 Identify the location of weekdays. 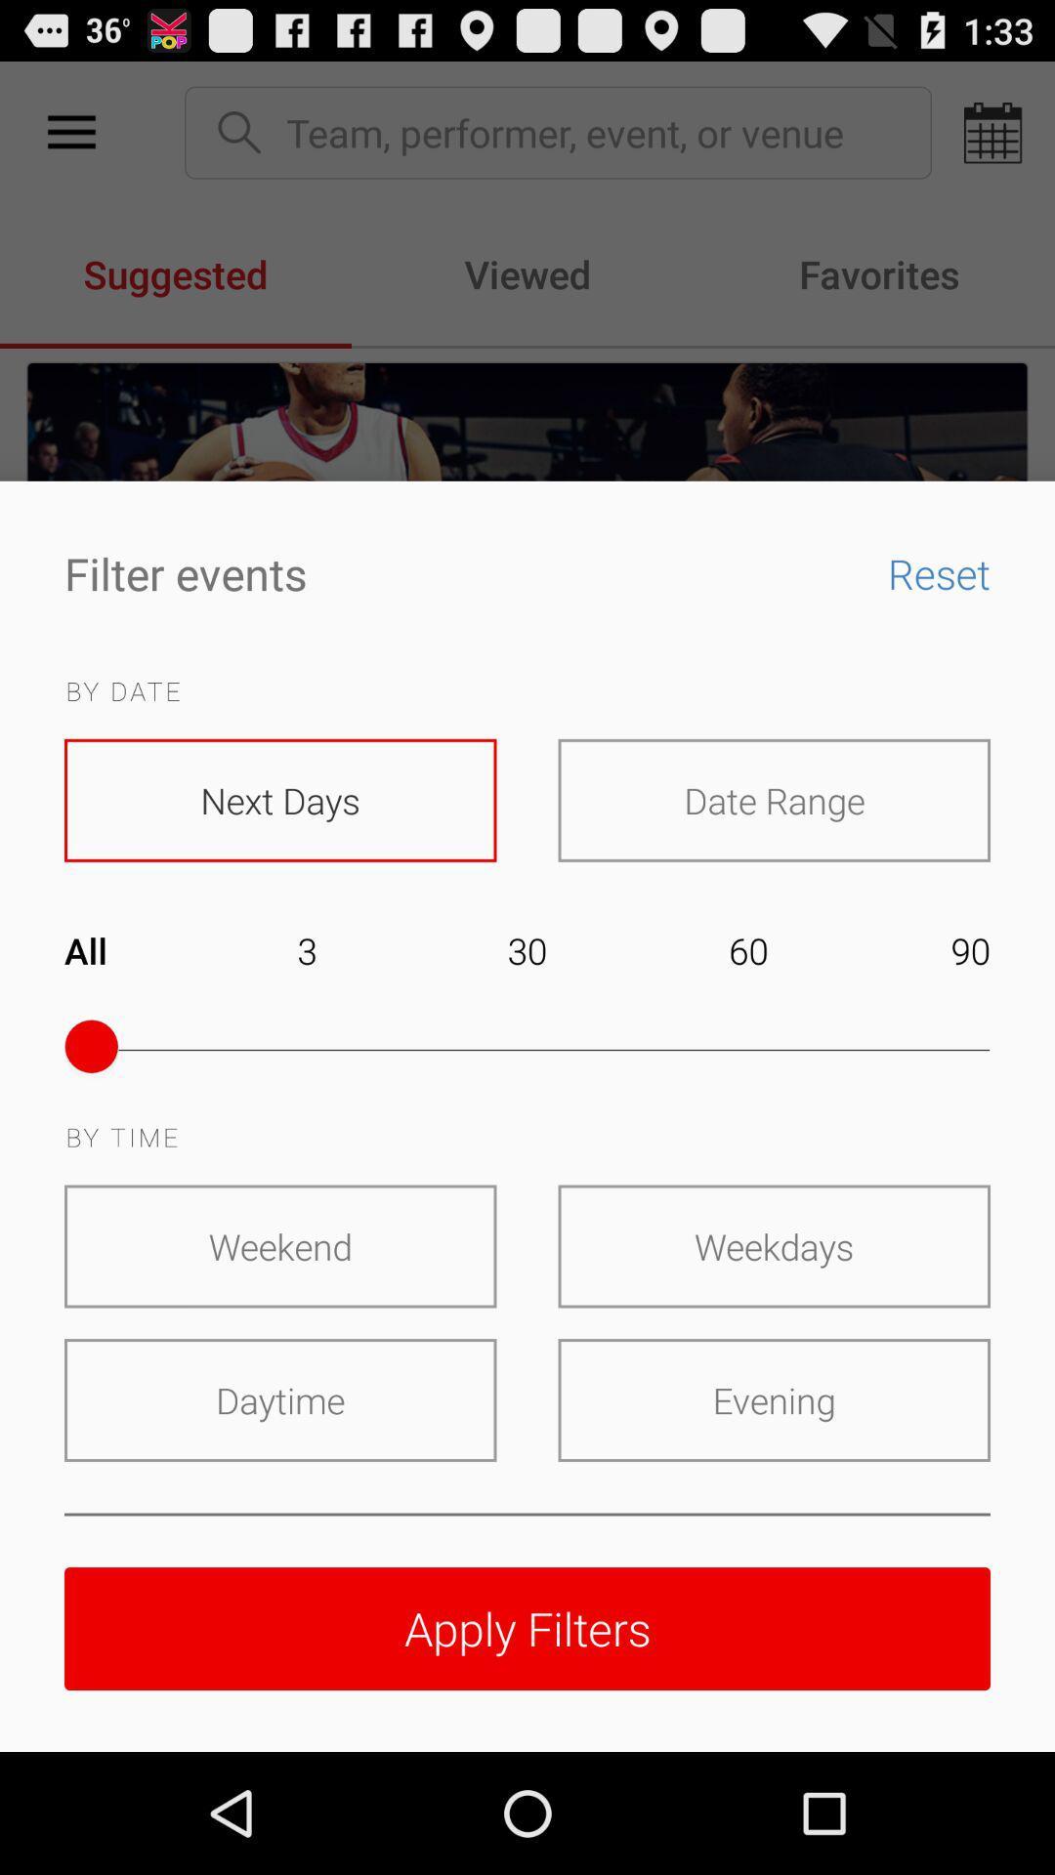
(773, 1245).